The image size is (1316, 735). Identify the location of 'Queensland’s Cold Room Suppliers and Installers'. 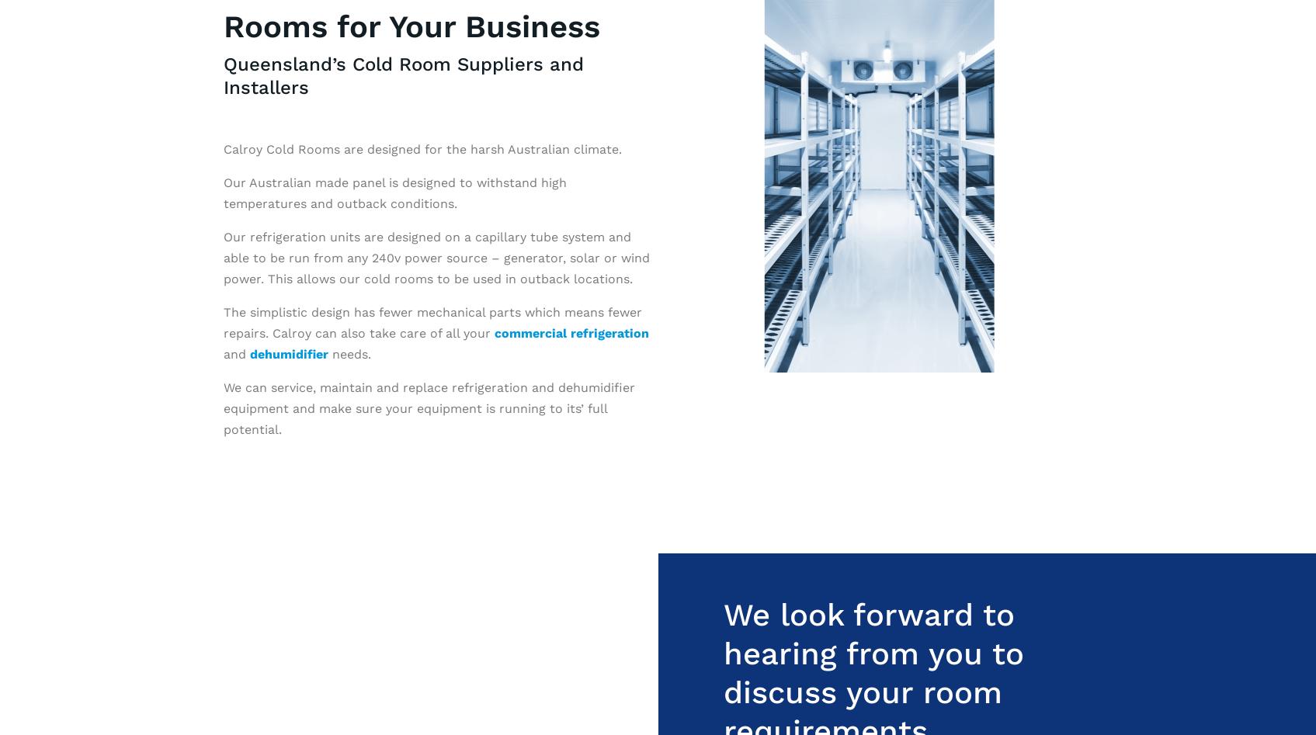
(222, 74).